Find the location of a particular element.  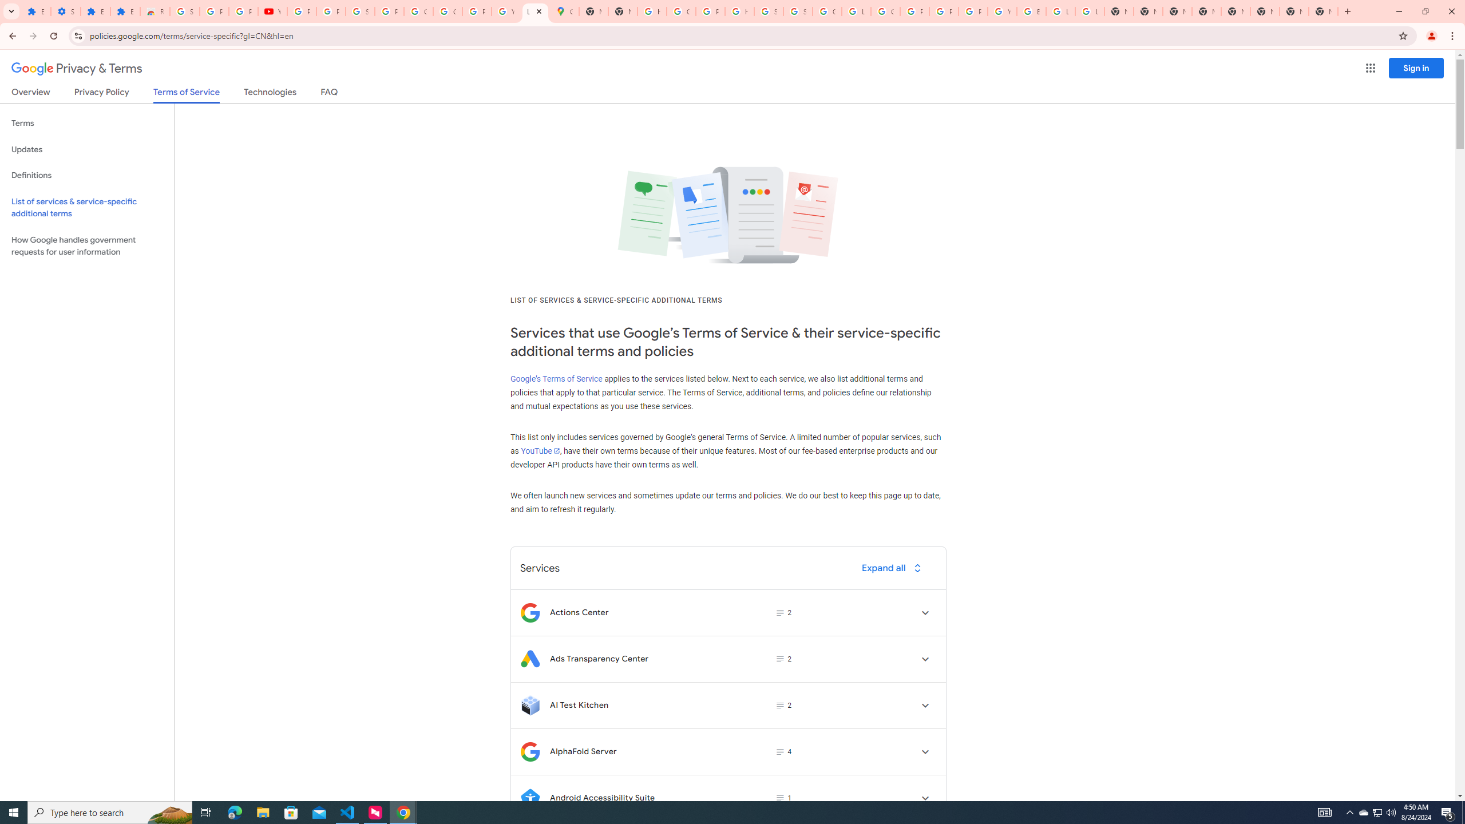

'Sign in - Google Accounts' is located at coordinates (184, 11).